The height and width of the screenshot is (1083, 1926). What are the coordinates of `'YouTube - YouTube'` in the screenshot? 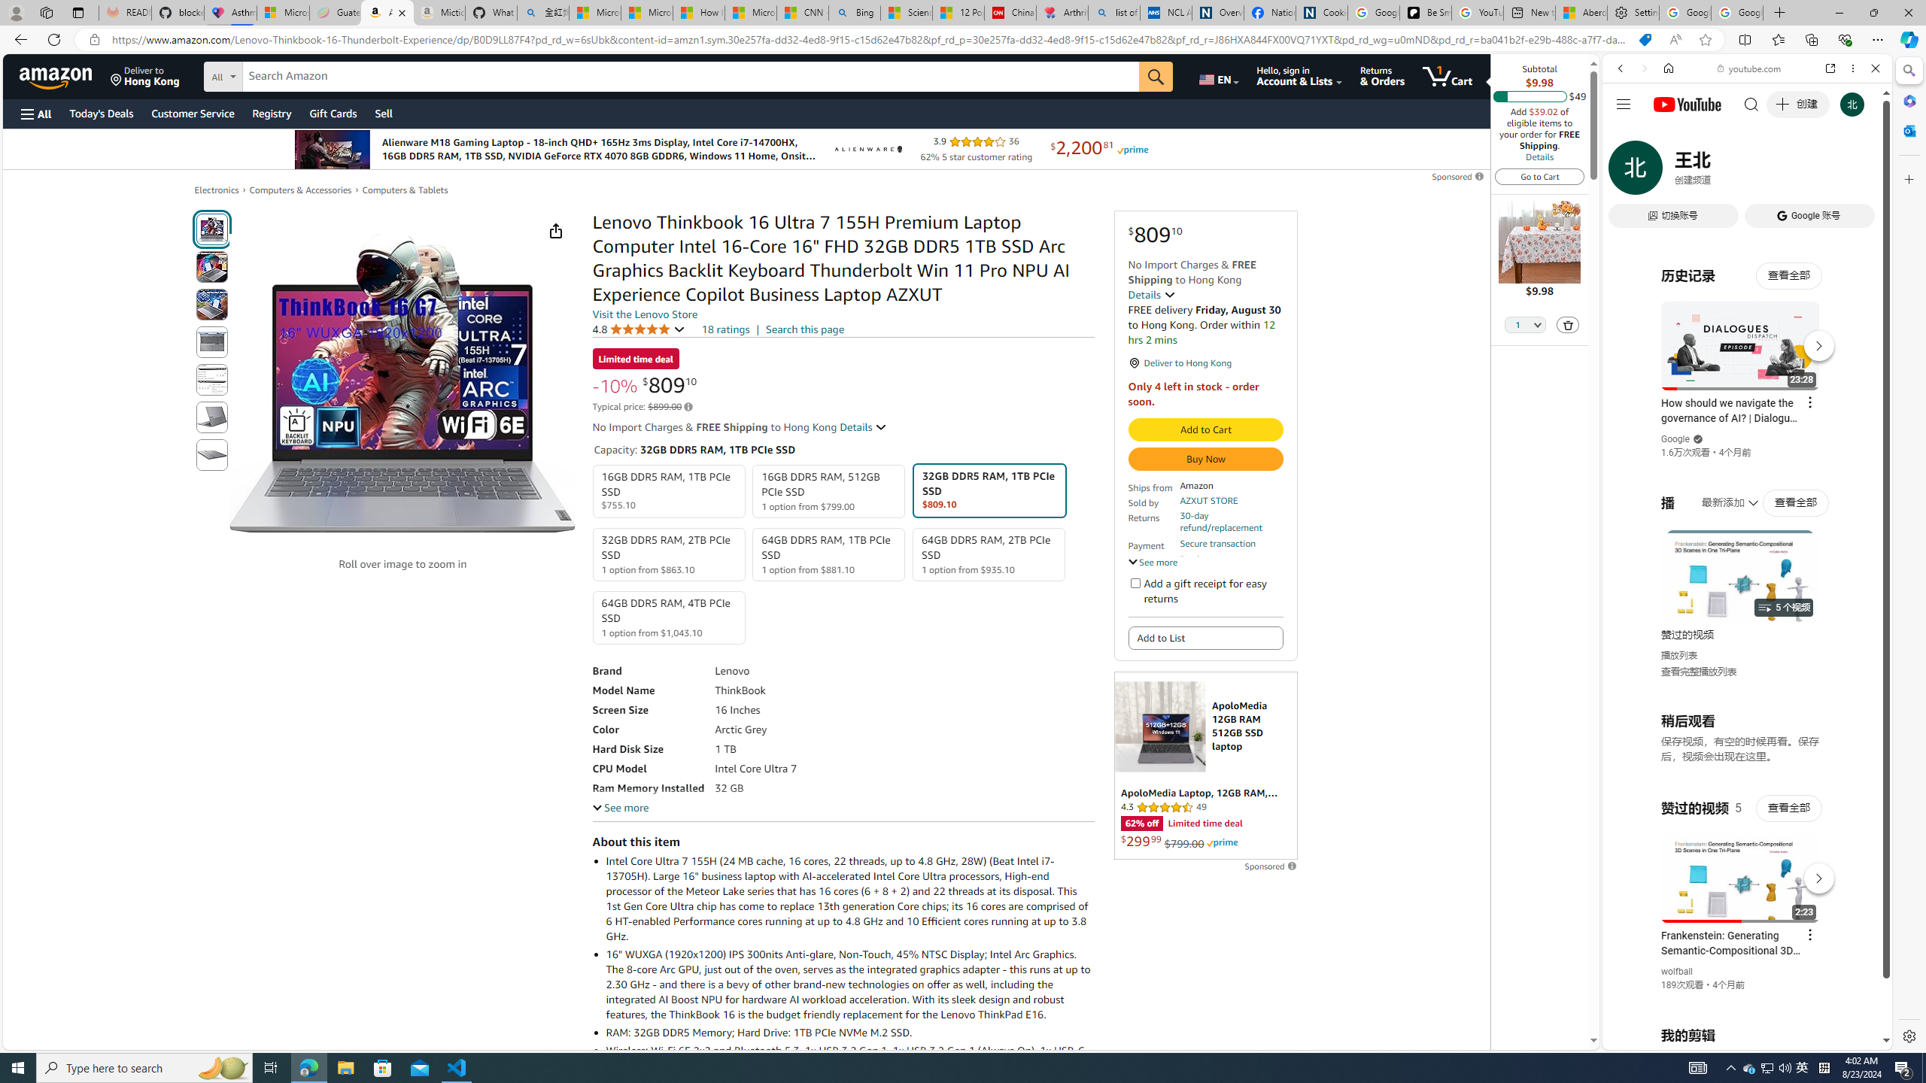 It's located at (1741, 741).